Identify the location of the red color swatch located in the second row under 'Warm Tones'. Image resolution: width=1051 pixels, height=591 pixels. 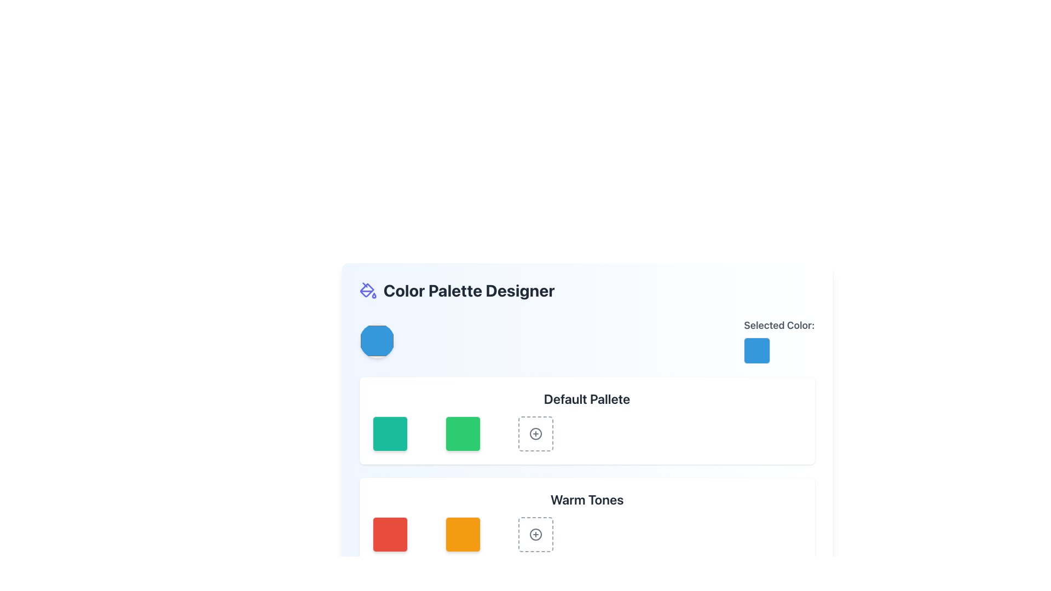
(404, 534).